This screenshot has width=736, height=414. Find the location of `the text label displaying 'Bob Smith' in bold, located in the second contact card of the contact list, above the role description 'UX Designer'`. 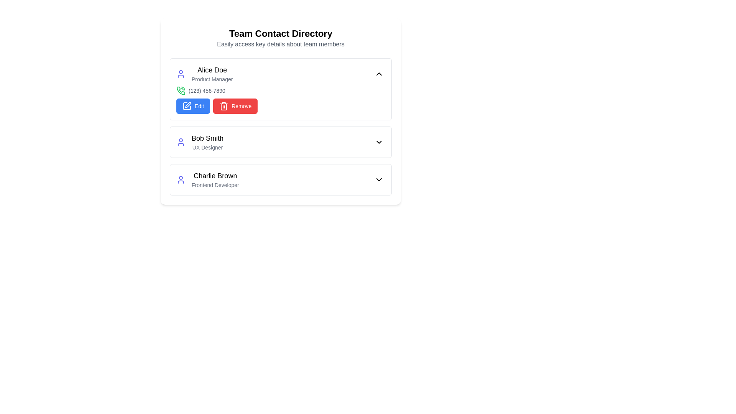

the text label displaying 'Bob Smith' in bold, located in the second contact card of the contact list, above the role description 'UX Designer' is located at coordinates (207, 138).